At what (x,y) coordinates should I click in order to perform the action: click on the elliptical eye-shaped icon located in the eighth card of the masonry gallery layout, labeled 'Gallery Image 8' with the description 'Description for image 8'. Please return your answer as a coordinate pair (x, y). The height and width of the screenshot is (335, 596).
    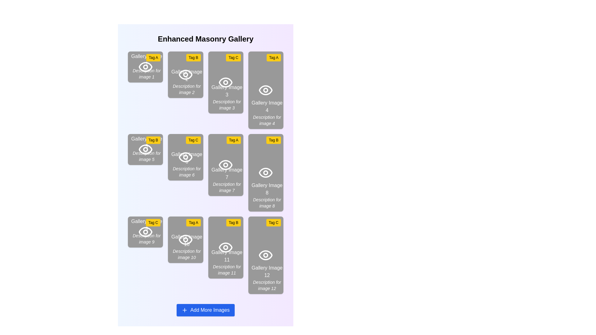
    Looking at the image, I should click on (266, 172).